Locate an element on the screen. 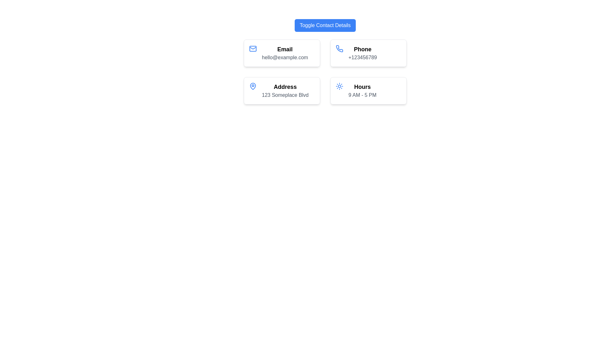 The width and height of the screenshot is (611, 344). the blue pin icon located within the 'Address' card, which is the third card in a grid of contact details is located at coordinates (253, 86).